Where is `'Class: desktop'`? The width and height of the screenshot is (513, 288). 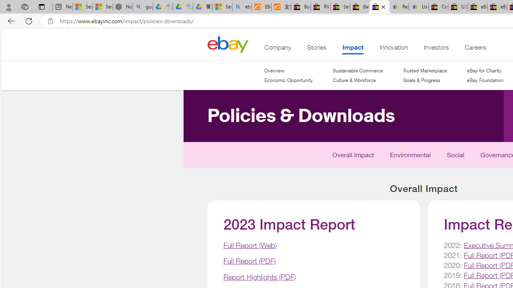
'Class: desktop' is located at coordinates (227, 44).